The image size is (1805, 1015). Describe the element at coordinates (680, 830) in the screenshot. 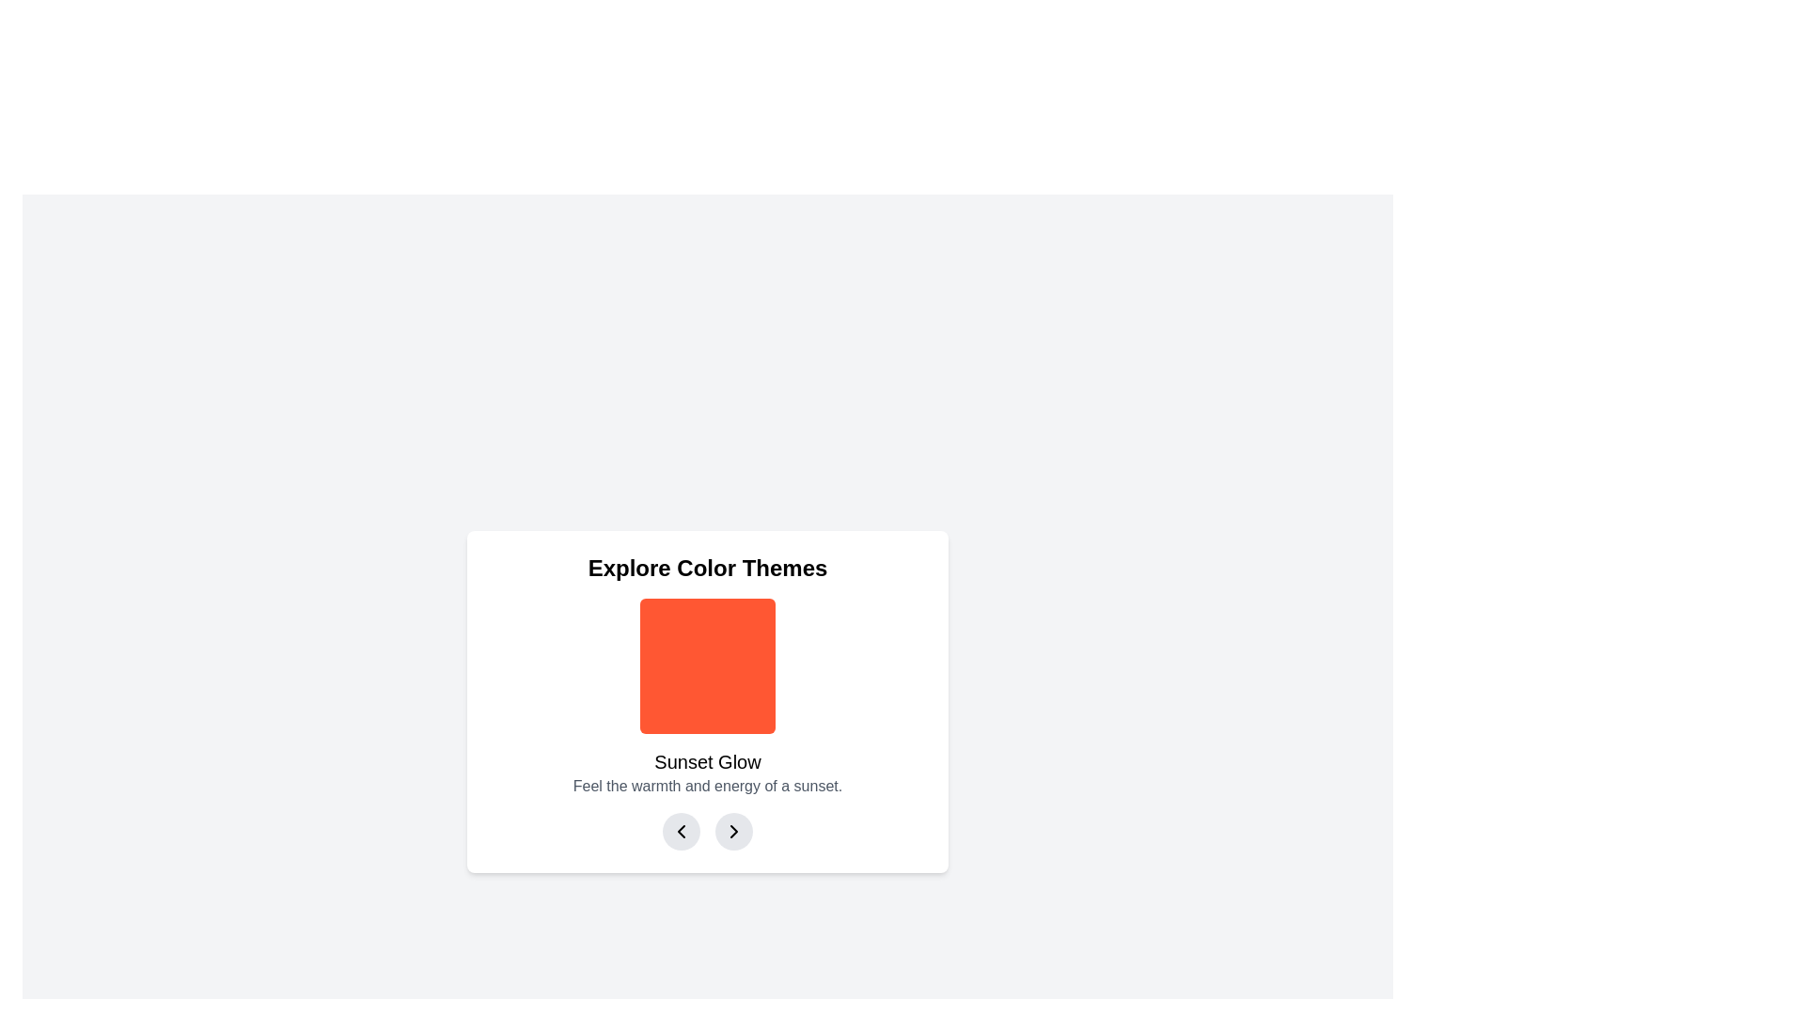

I see `the circular button with a light gray background and a black left-chevron icon, positioned at the bottom left of the navigation group, to visualize hover effects` at that location.